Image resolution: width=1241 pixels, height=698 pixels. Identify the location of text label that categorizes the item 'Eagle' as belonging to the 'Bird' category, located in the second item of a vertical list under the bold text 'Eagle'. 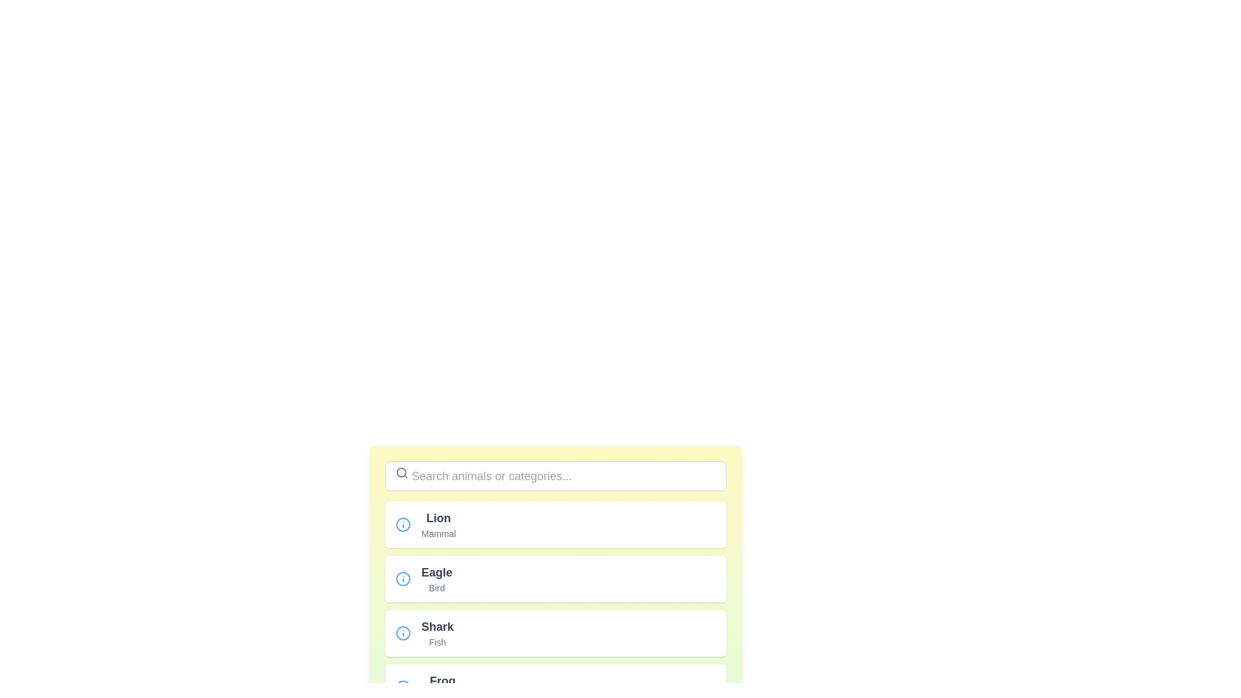
(437, 588).